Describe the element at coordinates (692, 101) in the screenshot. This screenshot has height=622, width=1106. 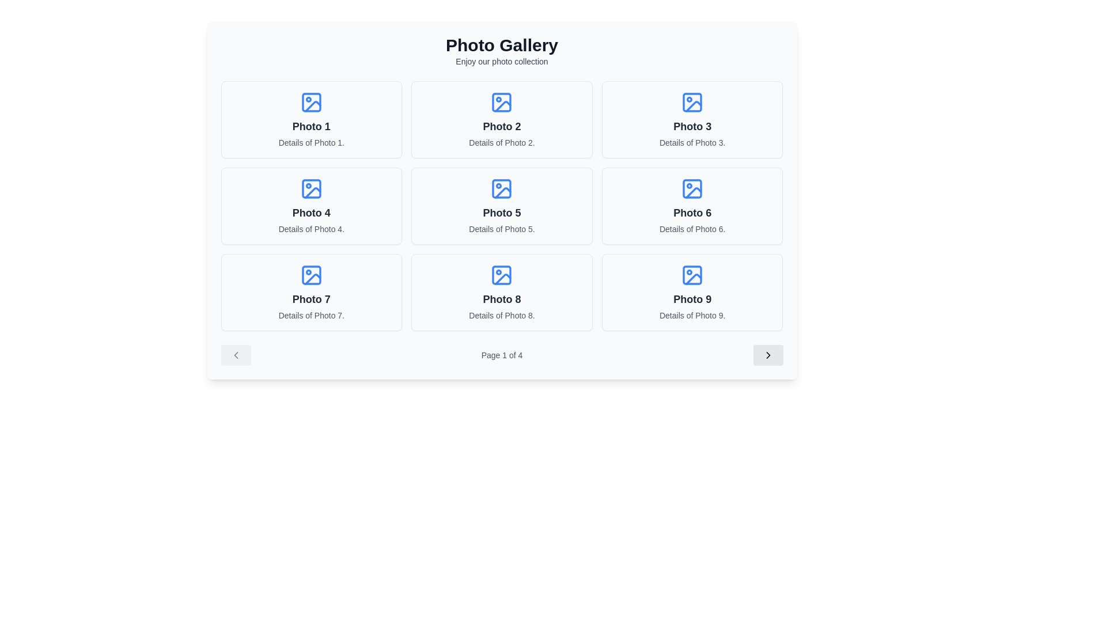
I see `the photo icon representing 'Photo 3', which is positioned at the top-center of the card in the third column of the top row in a 3x3 grid` at that location.